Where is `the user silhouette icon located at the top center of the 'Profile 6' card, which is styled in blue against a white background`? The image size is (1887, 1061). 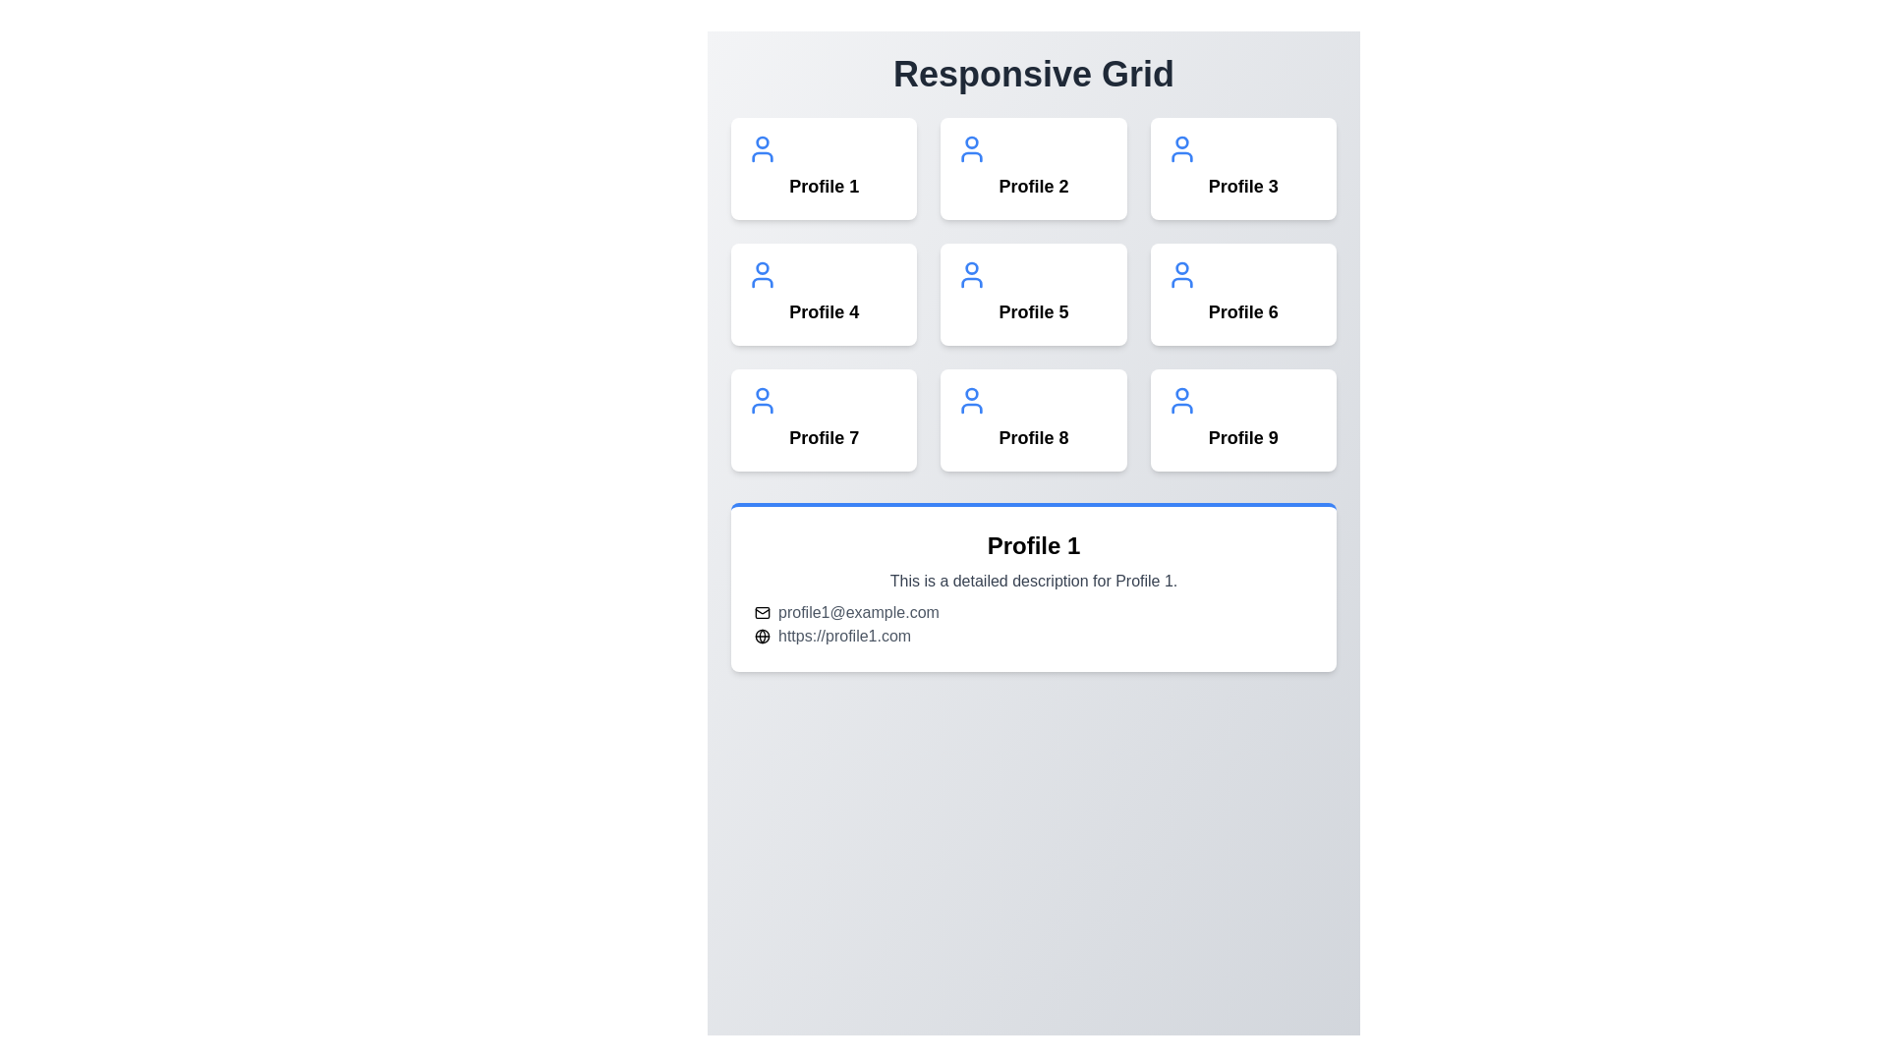
the user silhouette icon located at the top center of the 'Profile 6' card, which is styled in blue against a white background is located at coordinates (1180, 275).